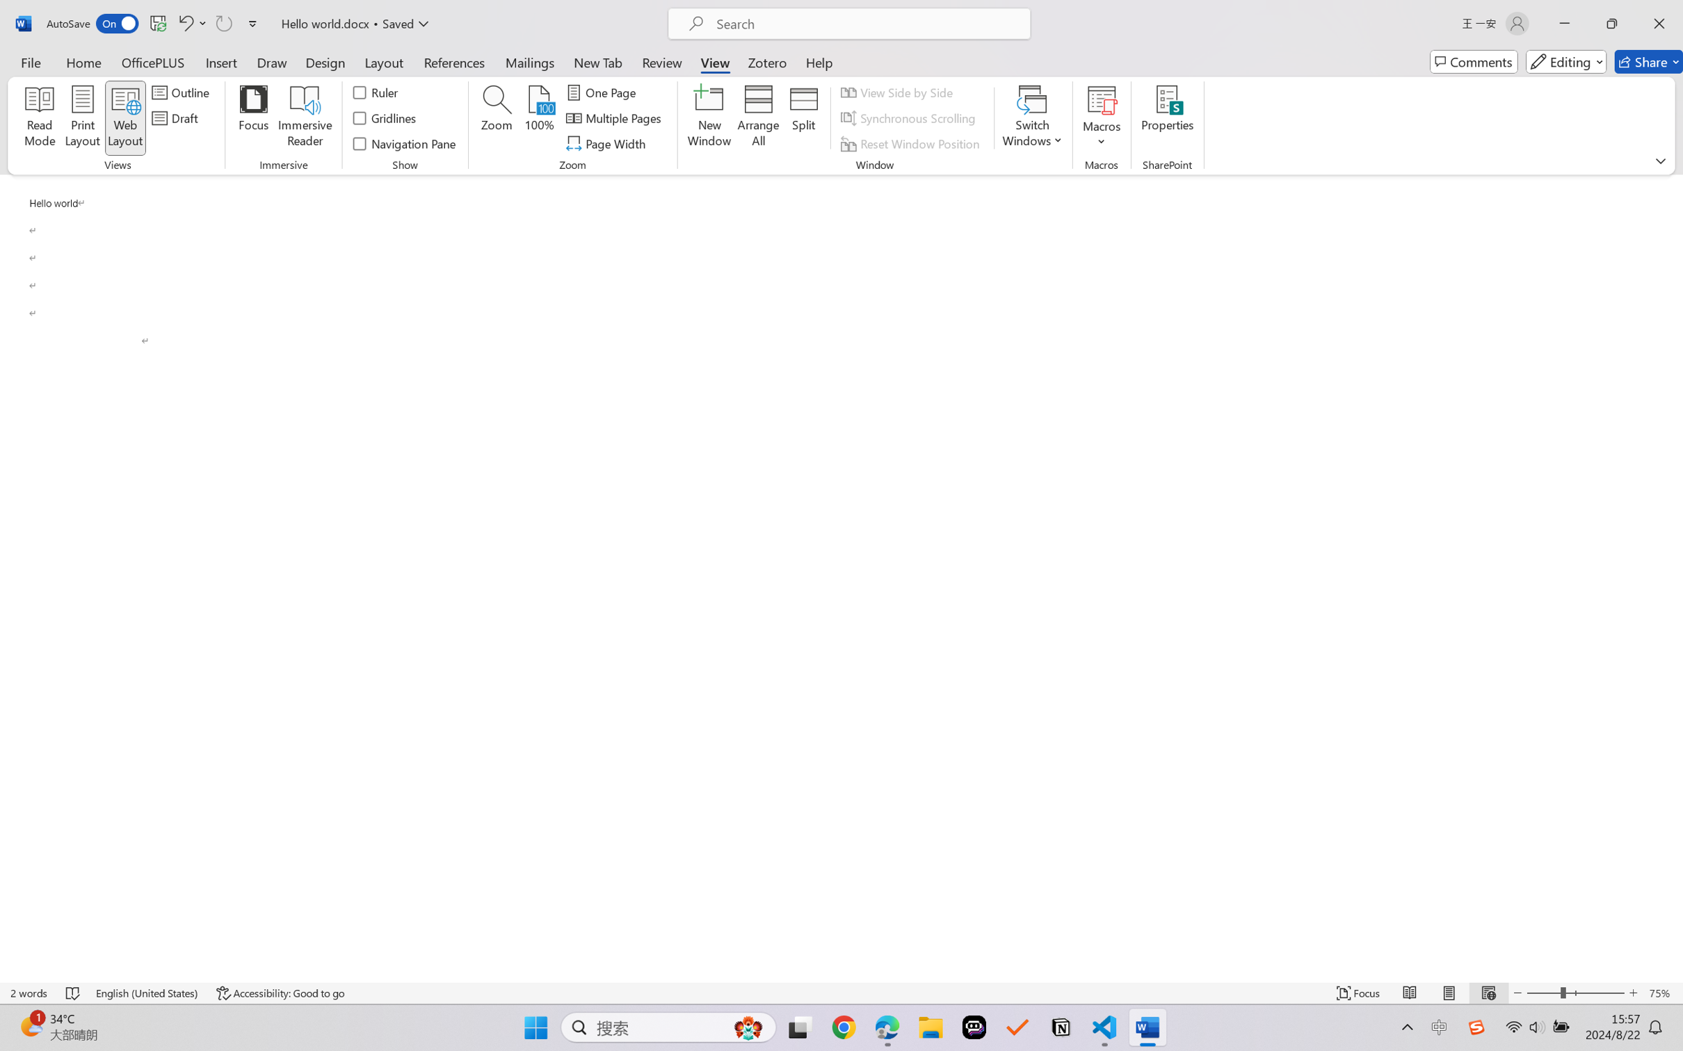 The image size is (1683, 1051). What do you see at coordinates (30, 61) in the screenshot?
I see `'File Tab'` at bounding box center [30, 61].